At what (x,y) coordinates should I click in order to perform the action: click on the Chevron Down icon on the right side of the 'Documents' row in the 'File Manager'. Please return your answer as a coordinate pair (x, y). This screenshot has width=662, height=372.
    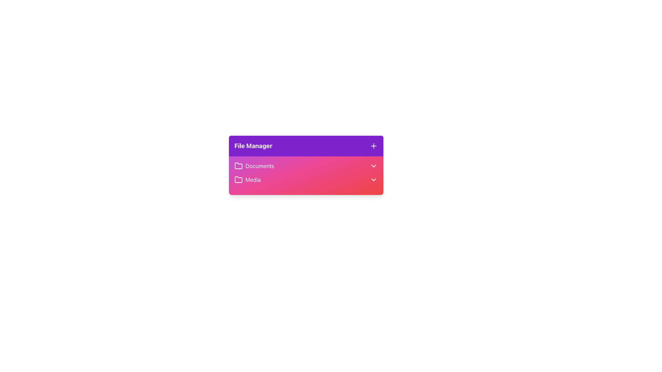
    Looking at the image, I should click on (373, 166).